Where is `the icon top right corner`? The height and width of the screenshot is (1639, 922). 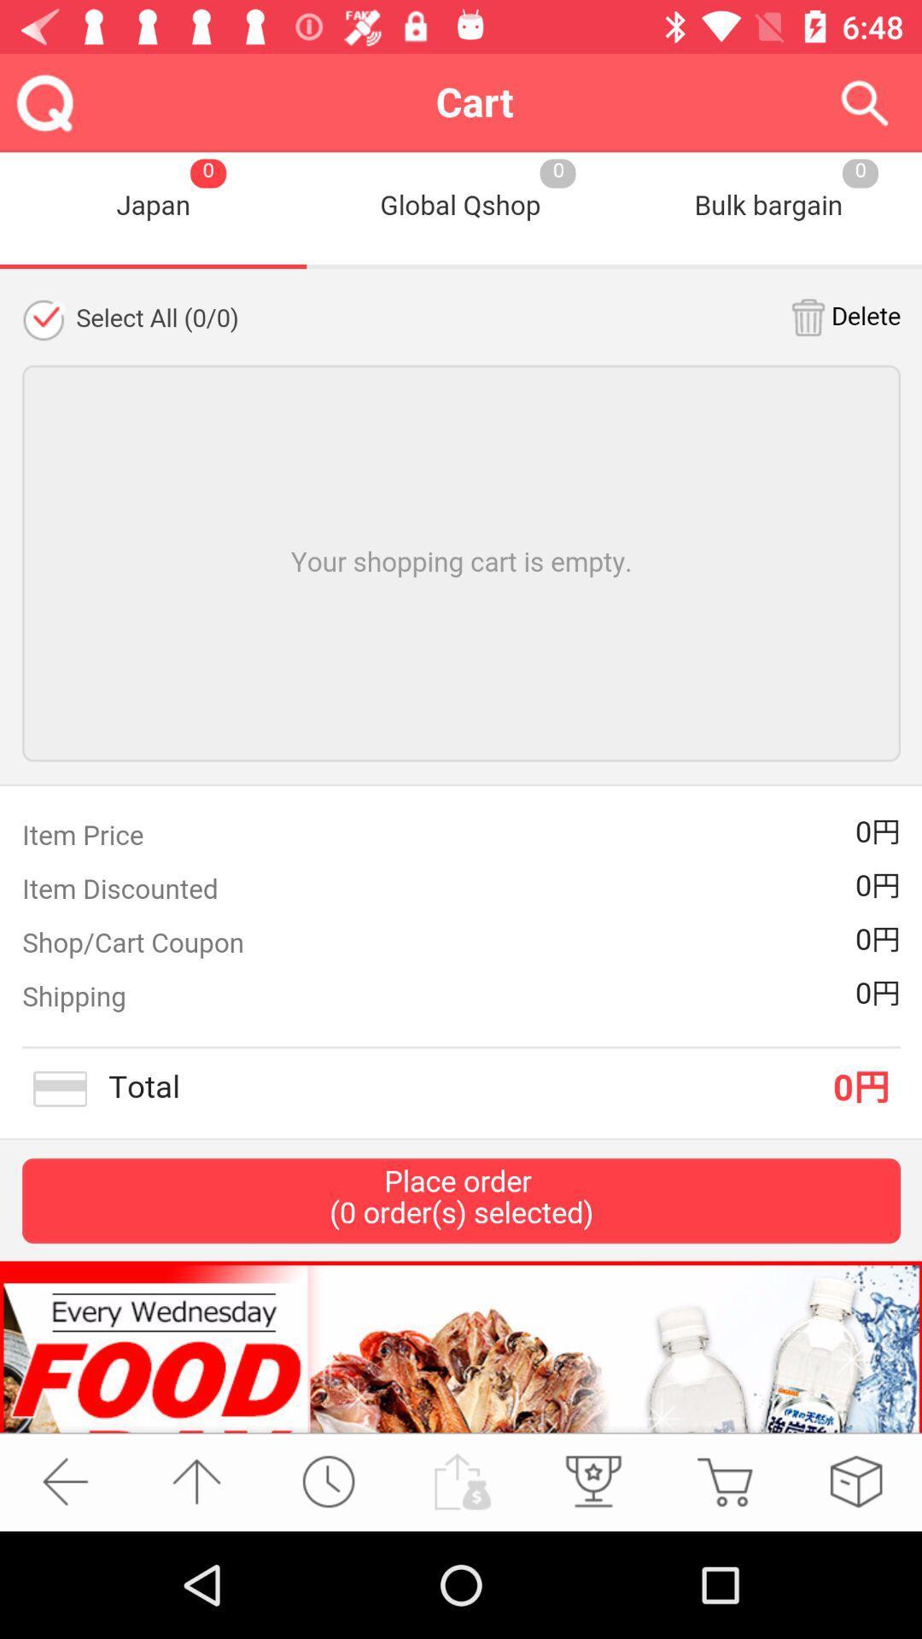
the icon top right corner is located at coordinates (863, 102).